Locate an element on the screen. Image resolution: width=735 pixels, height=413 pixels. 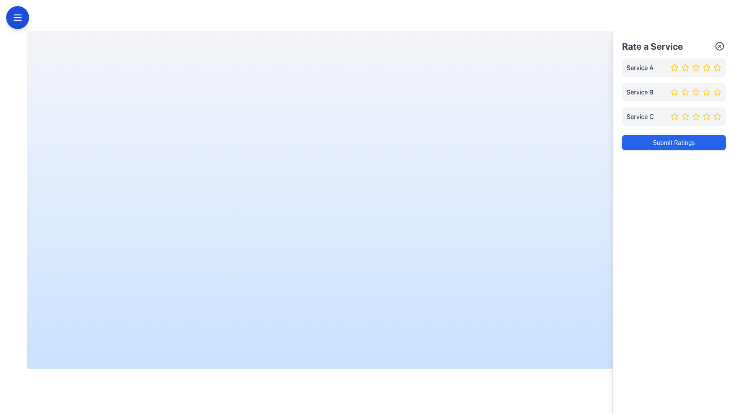
the second star in the interactive star rating icon for 'Service A' is located at coordinates (685, 67).